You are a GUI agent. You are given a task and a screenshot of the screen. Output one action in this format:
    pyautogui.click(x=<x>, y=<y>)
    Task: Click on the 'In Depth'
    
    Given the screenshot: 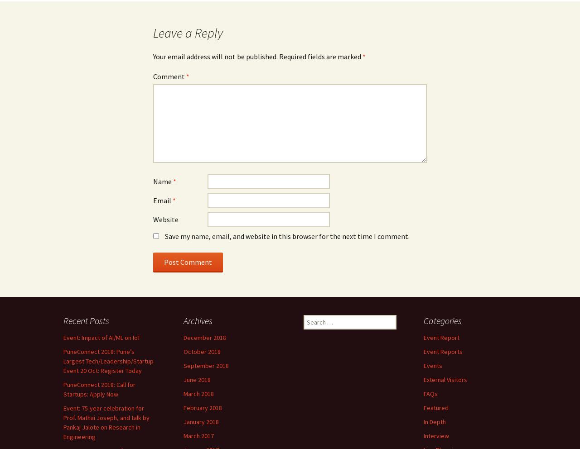 What is the action you would take?
    pyautogui.click(x=434, y=421)
    